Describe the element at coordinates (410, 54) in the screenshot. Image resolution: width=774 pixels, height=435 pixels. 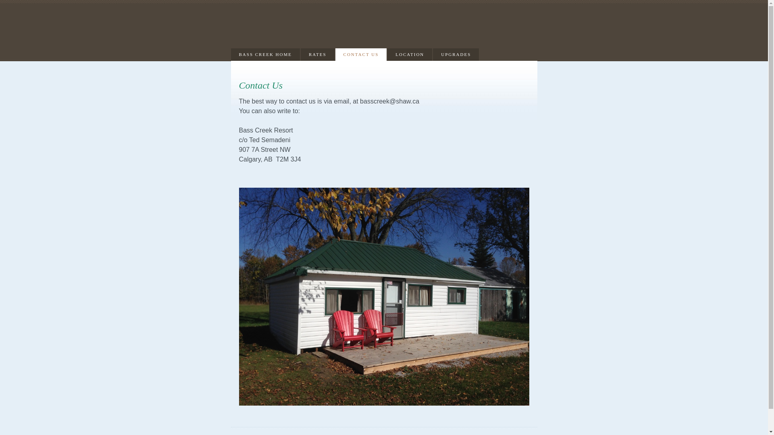
I see `'LOCATION'` at that location.